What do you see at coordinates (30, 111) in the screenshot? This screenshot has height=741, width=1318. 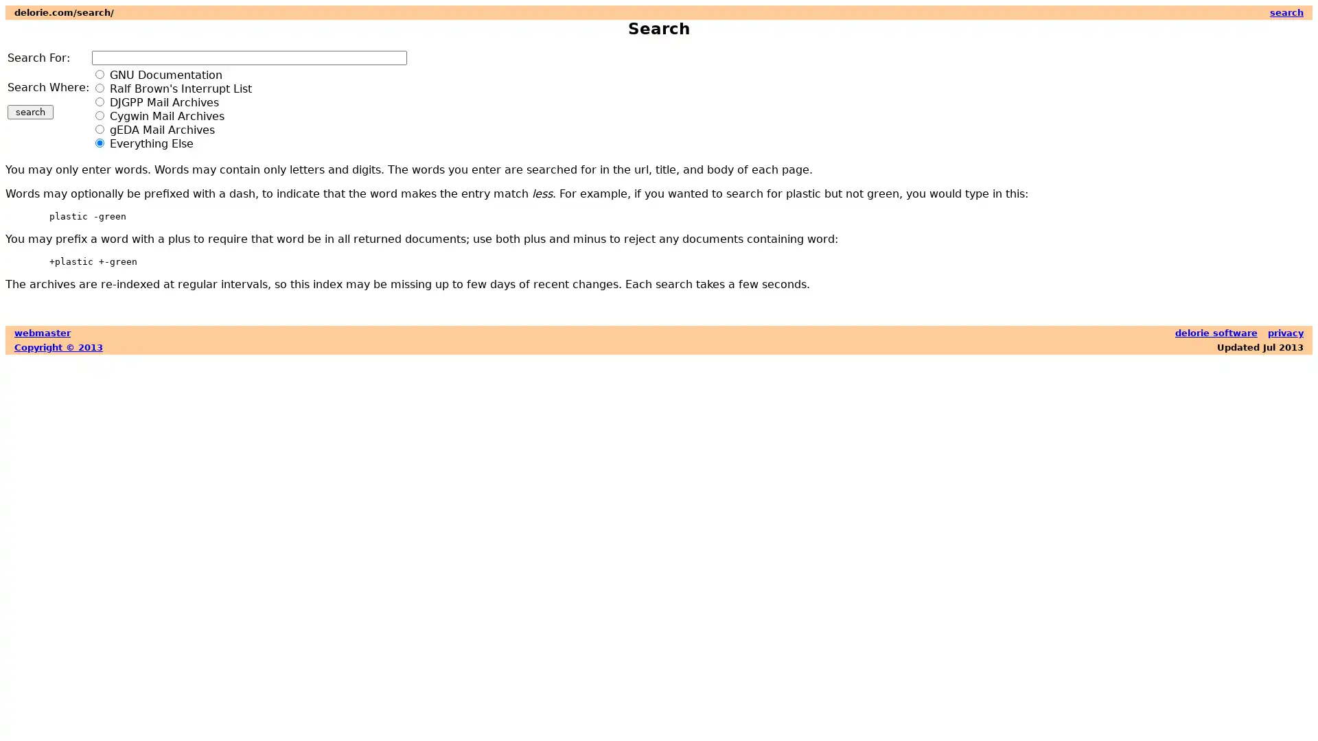 I see `search` at bounding box center [30, 111].